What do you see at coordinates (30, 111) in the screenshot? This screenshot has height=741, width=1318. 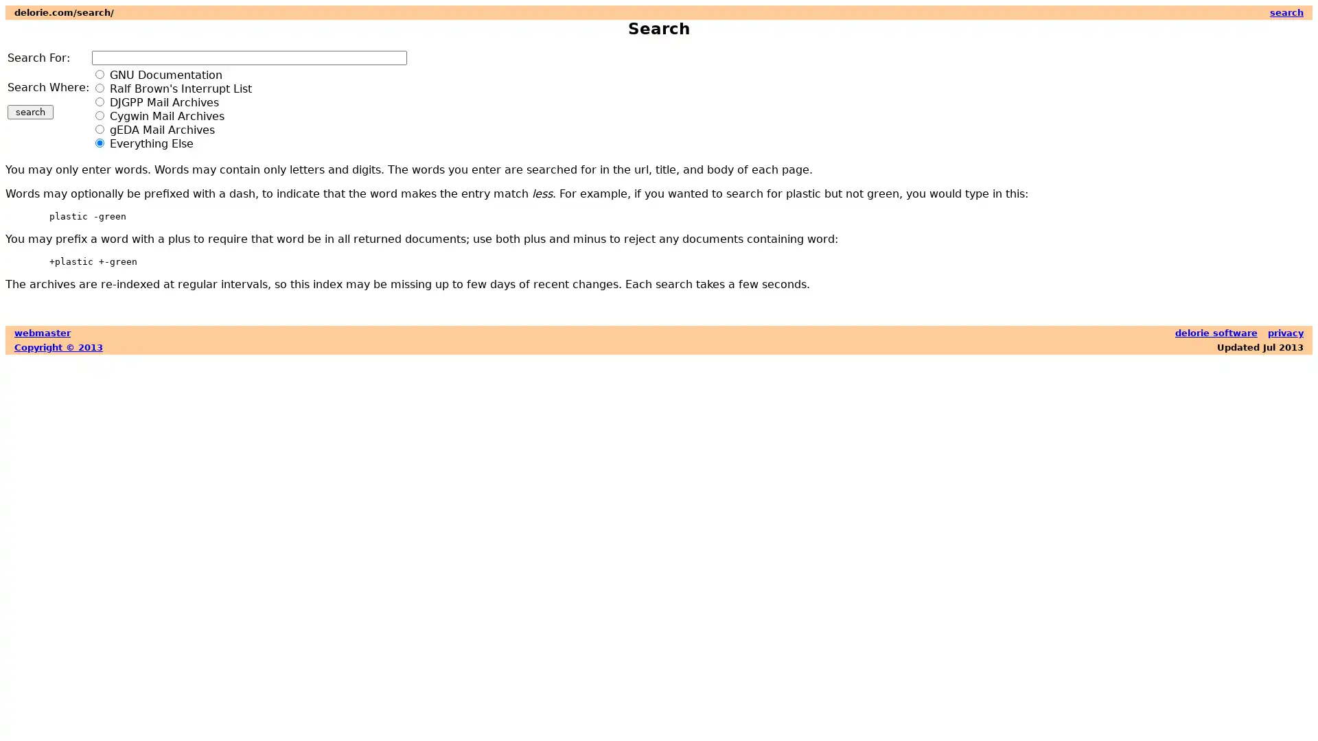 I see `search` at bounding box center [30, 111].